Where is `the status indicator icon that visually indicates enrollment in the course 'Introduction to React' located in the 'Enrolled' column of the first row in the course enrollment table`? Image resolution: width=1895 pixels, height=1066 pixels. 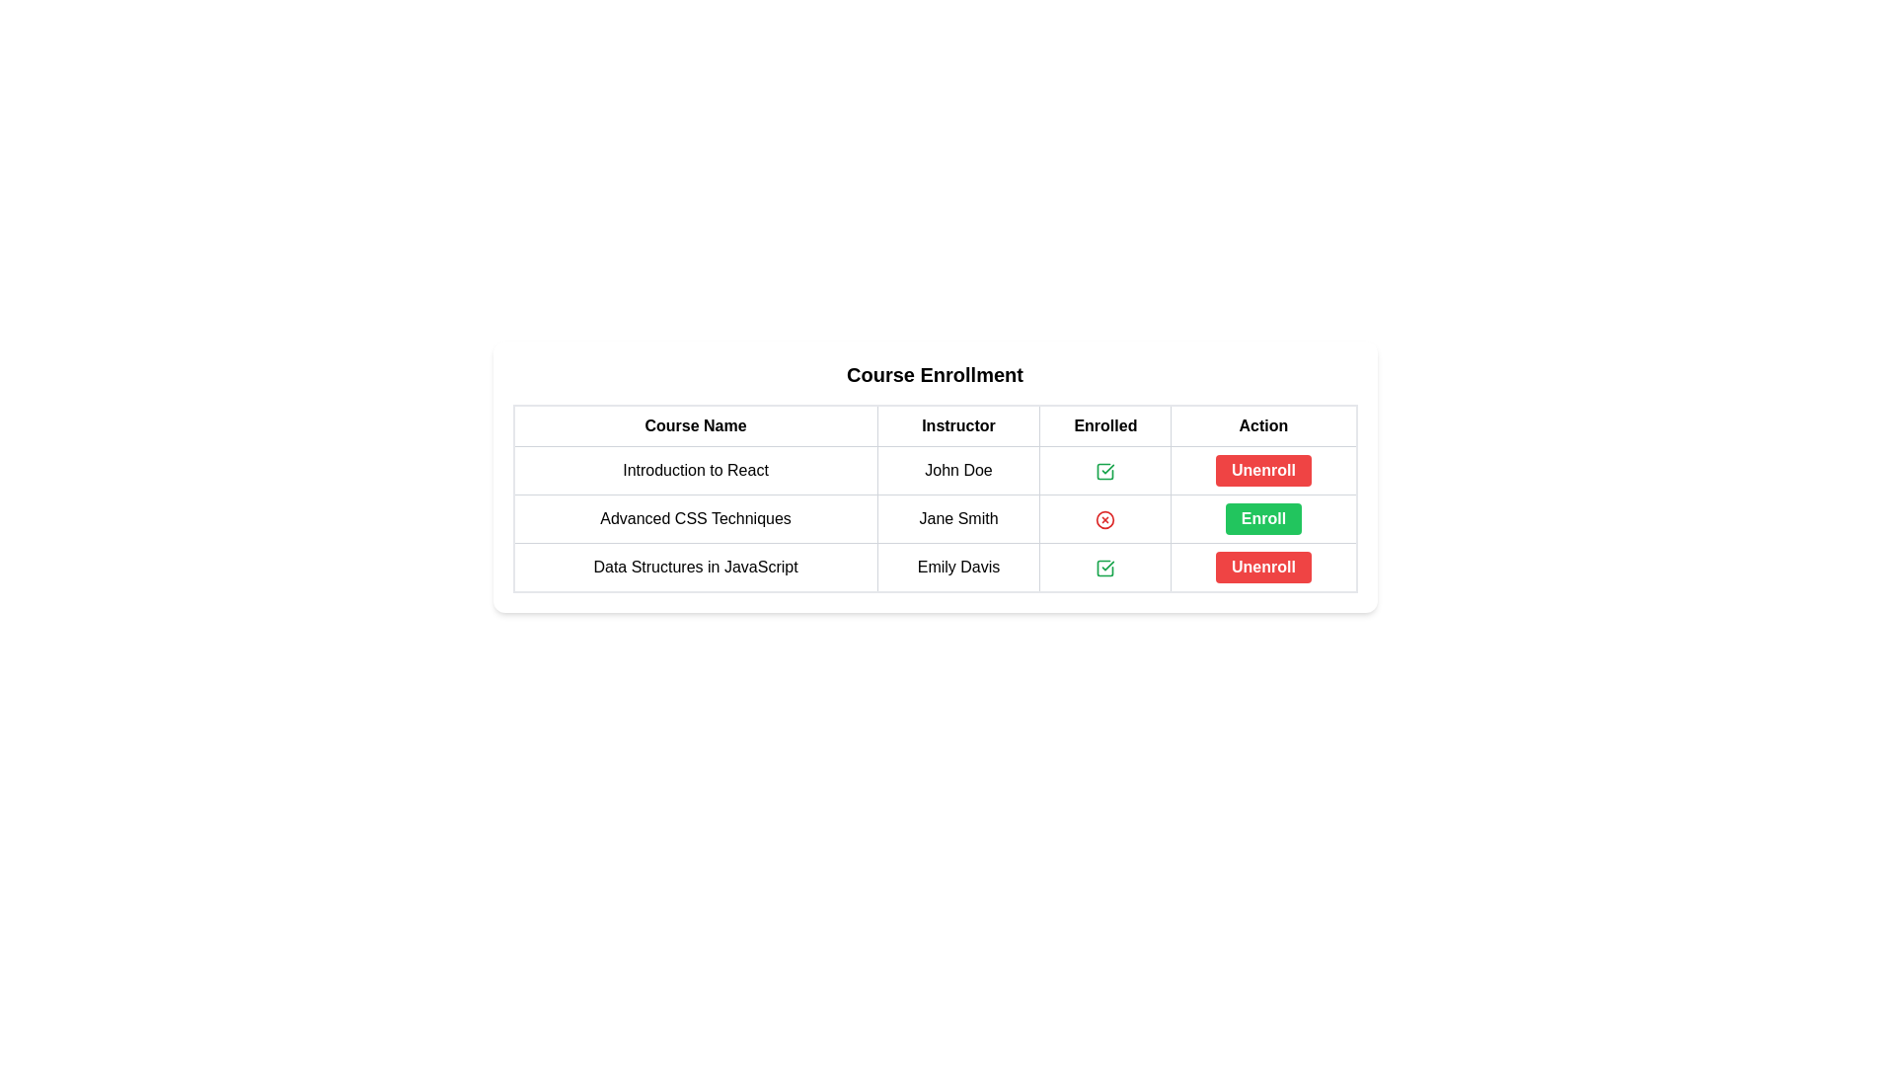
the status indicator icon that visually indicates enrollment in the course 'Introduction to React' located in the 'Enrolled' column of the first row in the course enrollment table is located at coordinates (1105, 471).